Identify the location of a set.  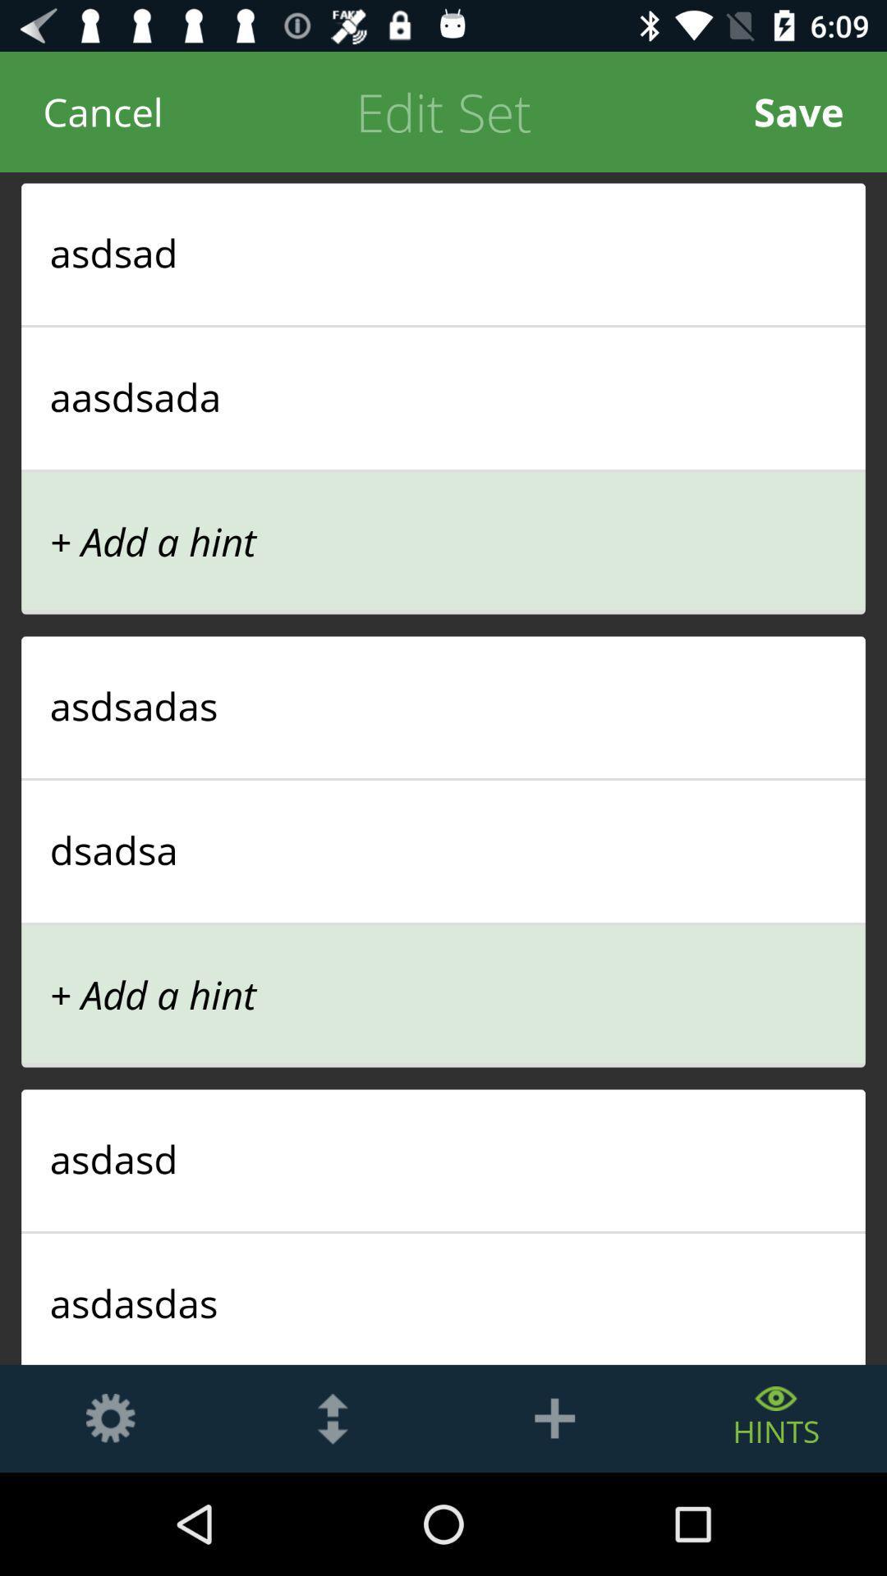
(554, 1418).